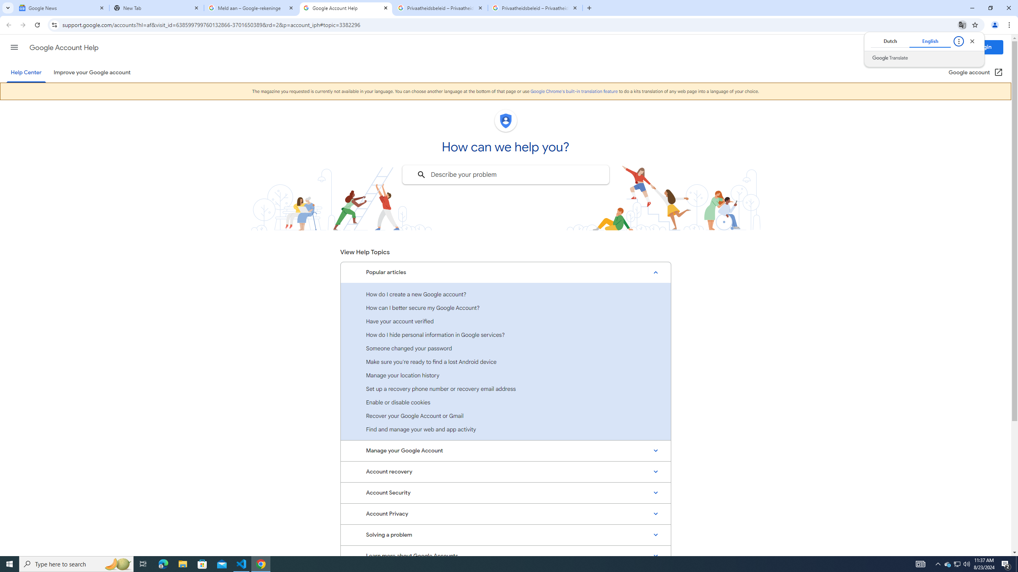 The height and width of the screenshot is (572, 1018). Describe the element at coordinates (505, 402) in the screenshot. I see `'Enable or disable cookies'` at that location.